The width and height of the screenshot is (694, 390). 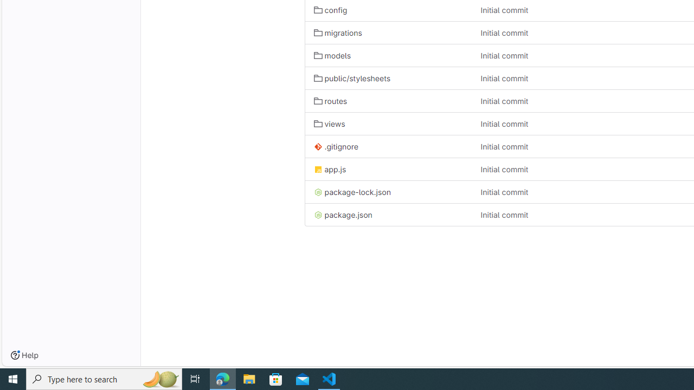 I want to click on 'models', so click(x=332, y=55).